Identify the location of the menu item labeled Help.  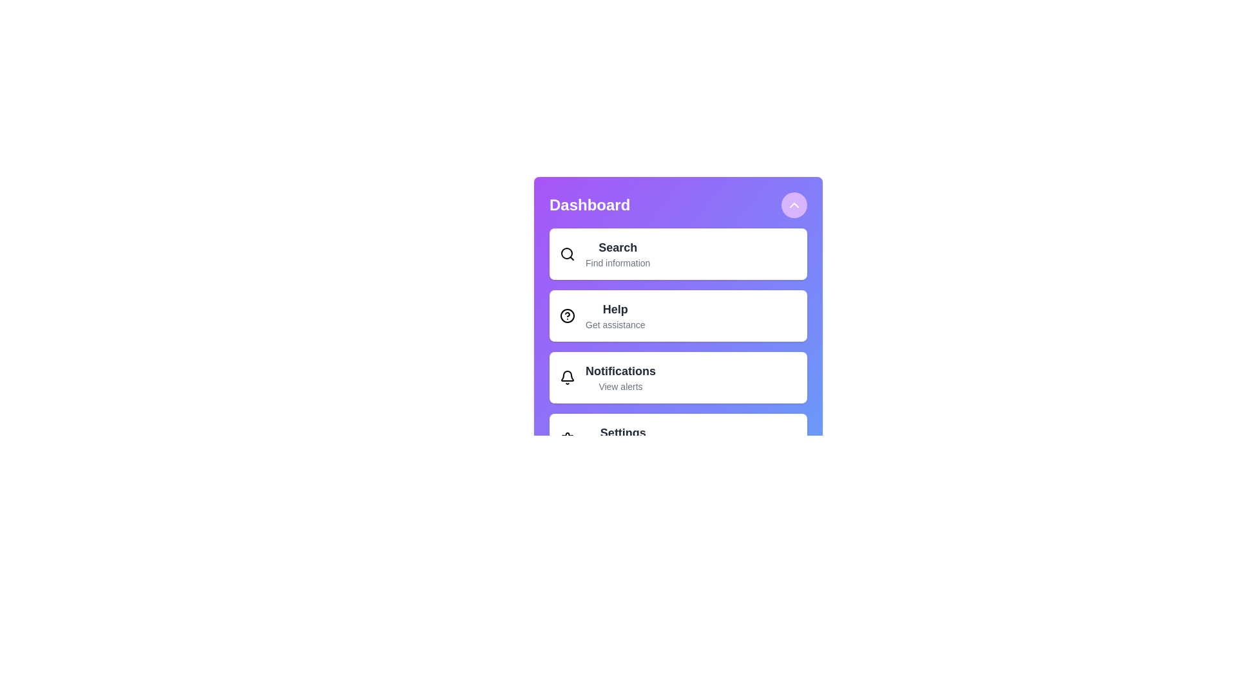
(677, 315).